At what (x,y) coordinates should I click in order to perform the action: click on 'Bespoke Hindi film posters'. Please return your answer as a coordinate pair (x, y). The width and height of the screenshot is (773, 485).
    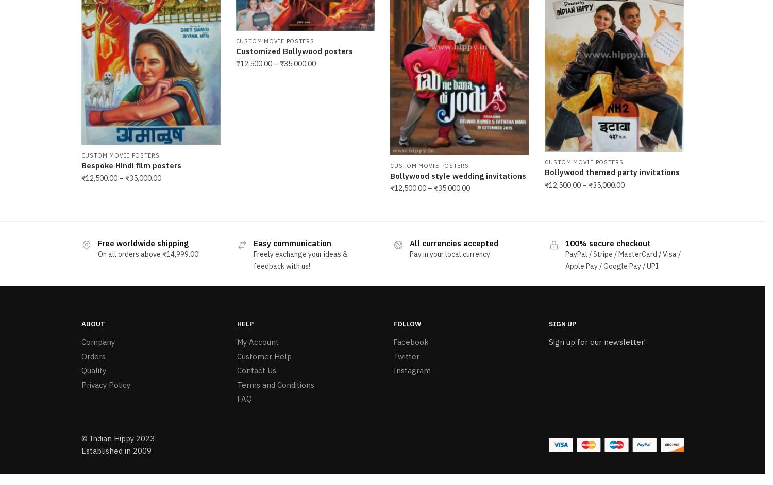
    Looking at the image, I should click on (130, 163).